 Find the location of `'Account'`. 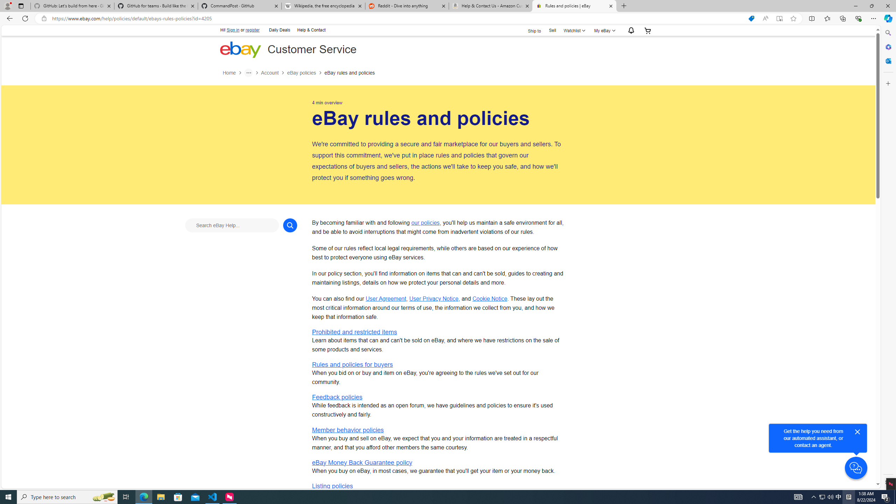

'Account' is located at coordinates (269, 72).